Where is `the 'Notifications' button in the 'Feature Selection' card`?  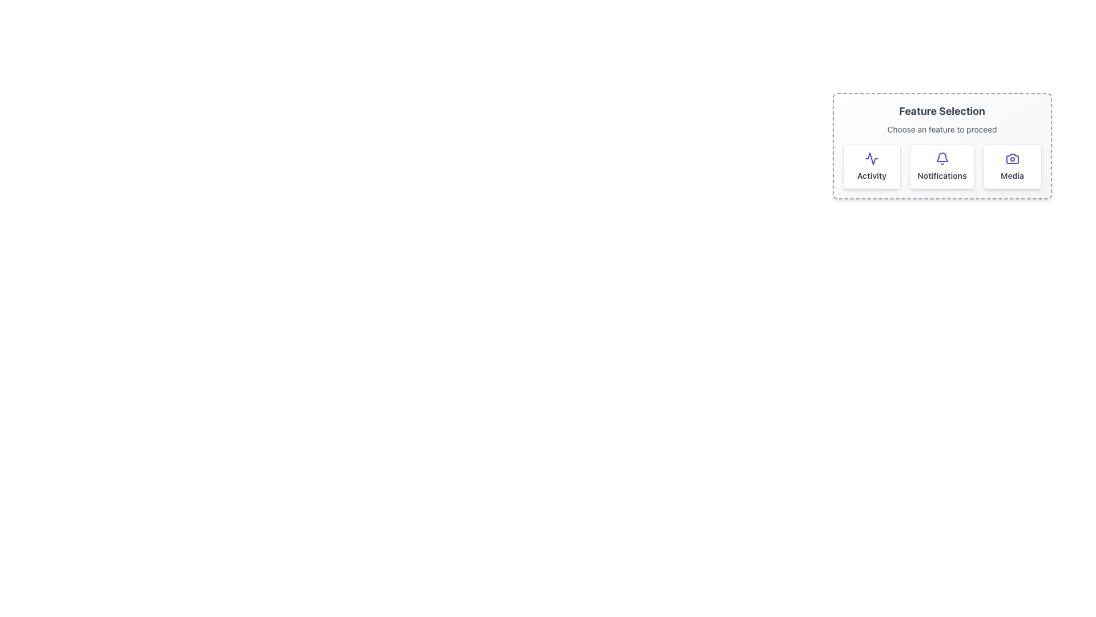 the 'Notifications' button in the 'Feature Selection' card is located at coordinates (942, 145).